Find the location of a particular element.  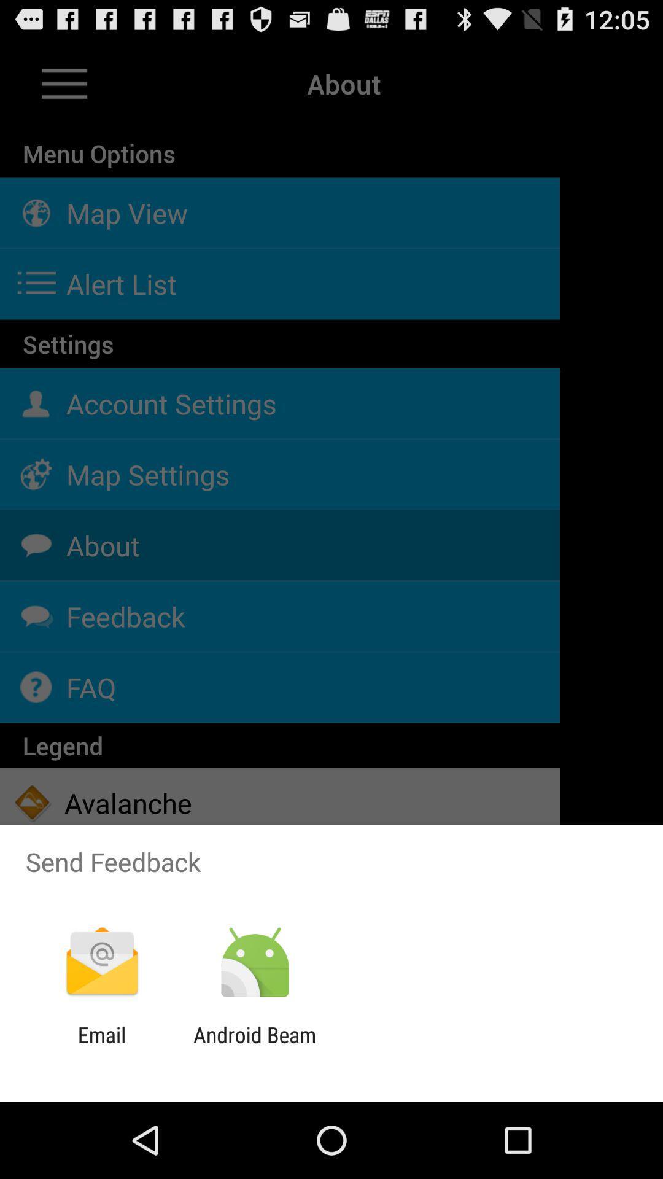

app next to the android beam is located at coordinates (101, 1047).